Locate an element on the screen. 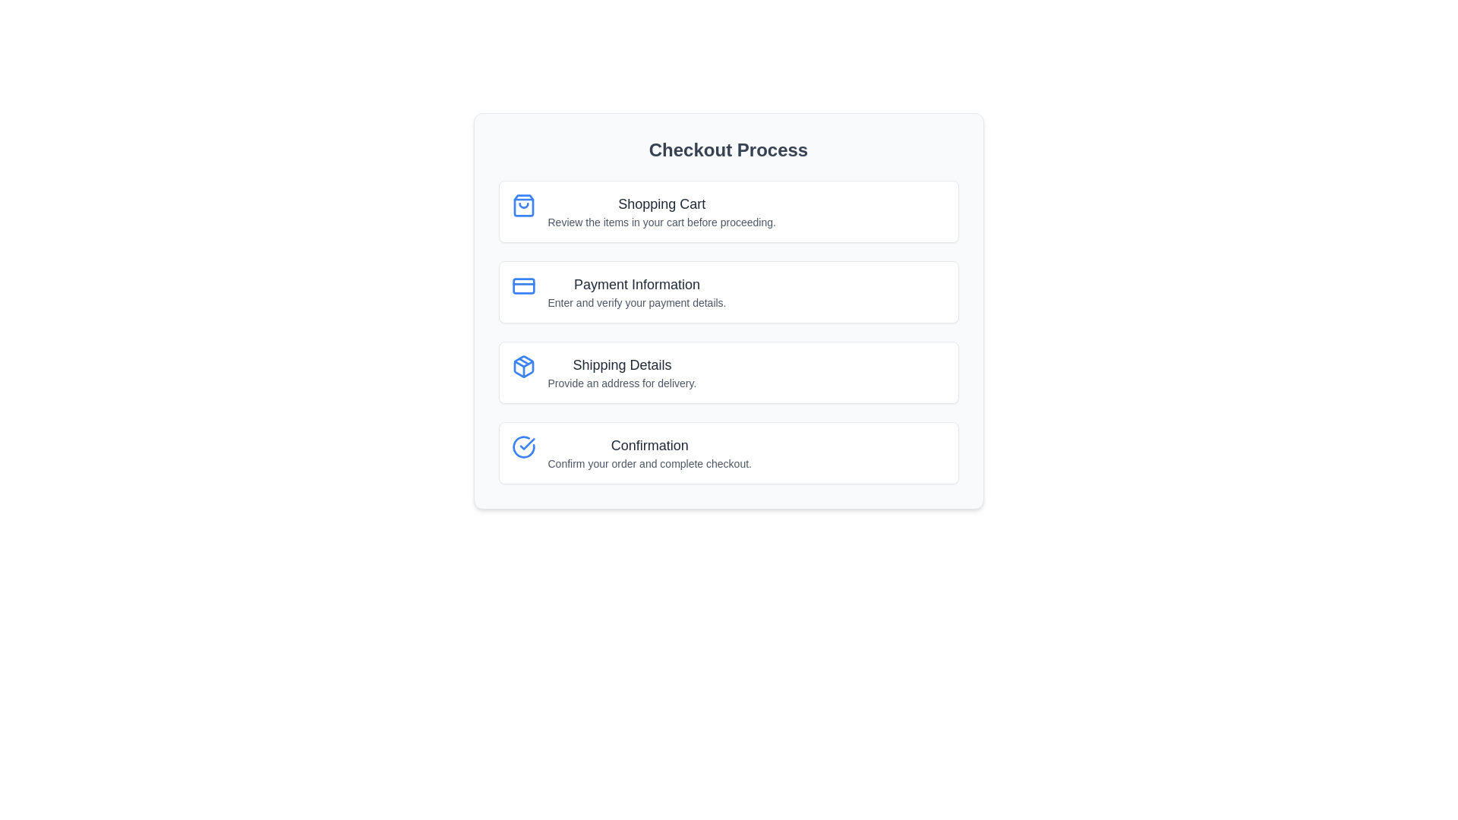 Image resolution: width=1458 pixels, height=820 pixels. the informational text element that displays 'Shopping Cart' and 'Review the items in your cart before proceeding.' in the Checkout Process card is located at coordinates (661, 211).